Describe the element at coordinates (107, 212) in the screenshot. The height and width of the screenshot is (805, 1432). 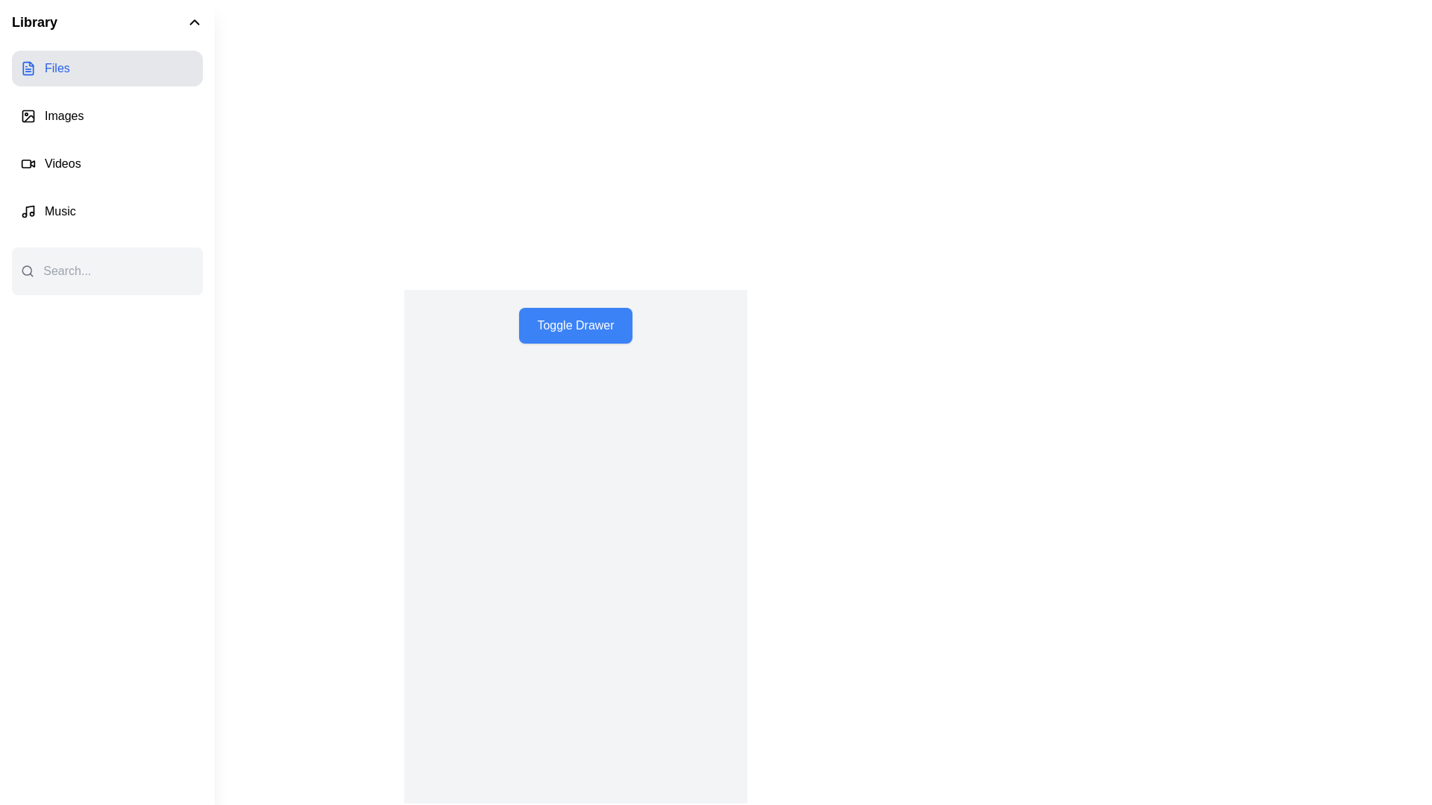
I see `keyboard navigation` at that location.